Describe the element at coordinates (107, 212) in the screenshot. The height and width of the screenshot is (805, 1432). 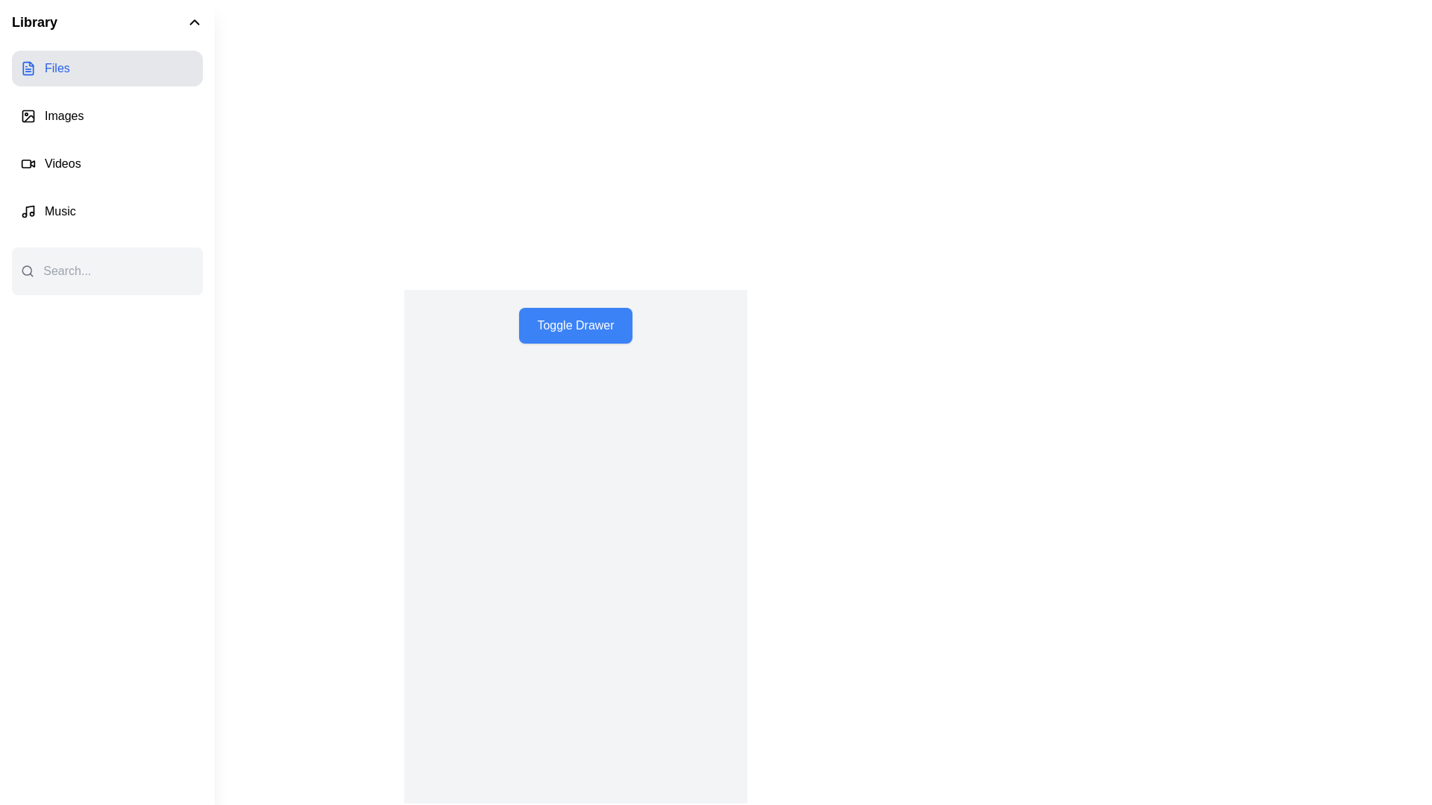
I see `keyboard navigation` at that location.